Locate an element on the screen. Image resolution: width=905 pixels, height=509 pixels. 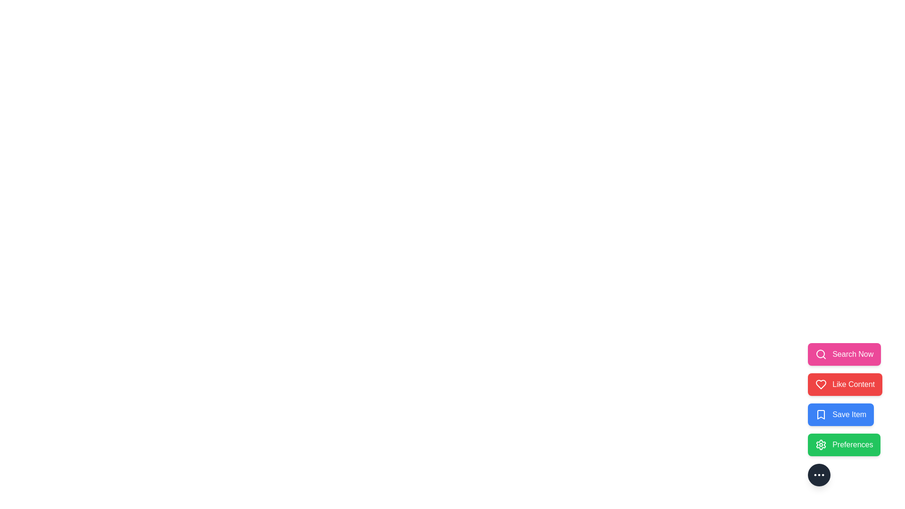
toggle button to expand or collapse the speed dial menu is located at coordinates (818, 475).